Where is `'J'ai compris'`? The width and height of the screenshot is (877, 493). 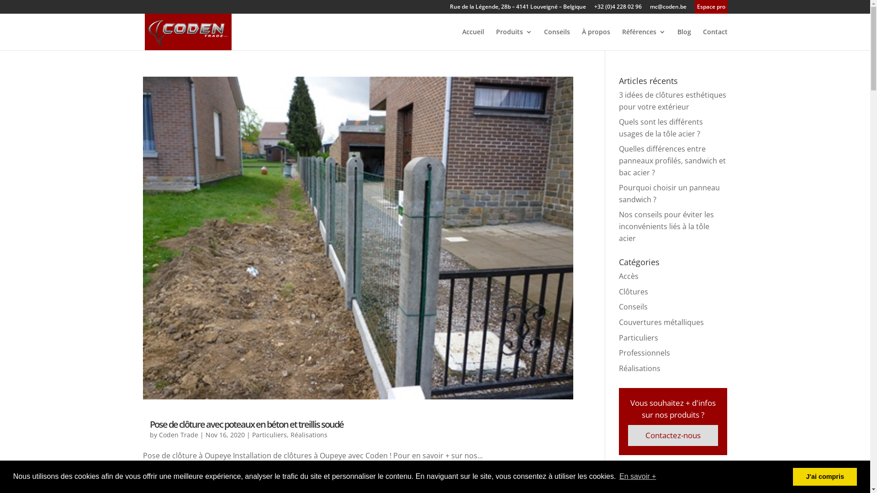 'J'ai compris' is located at coordinates (824, 476).